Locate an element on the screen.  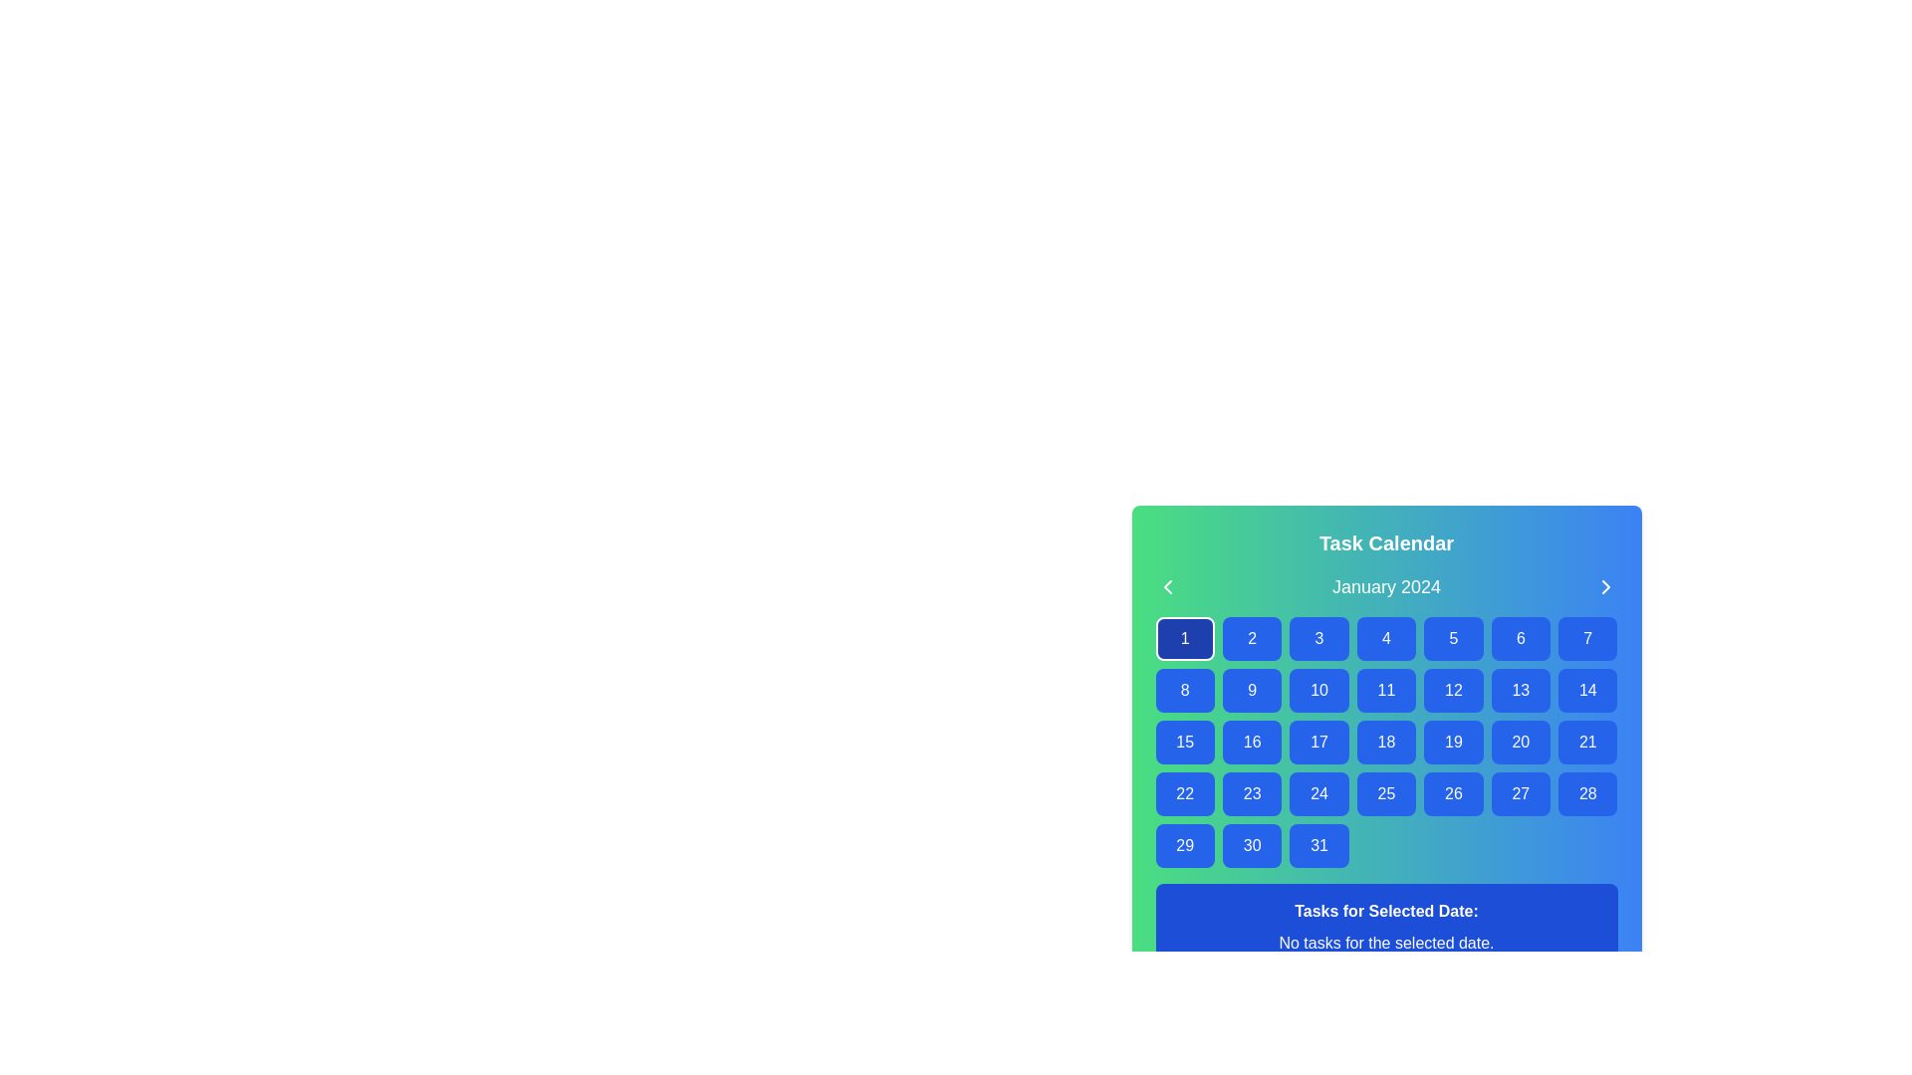
a date within the Calendar Widget, which displays a monthly calendar for January 2024 and allows for date selection is located at coordinates (1385, 750).